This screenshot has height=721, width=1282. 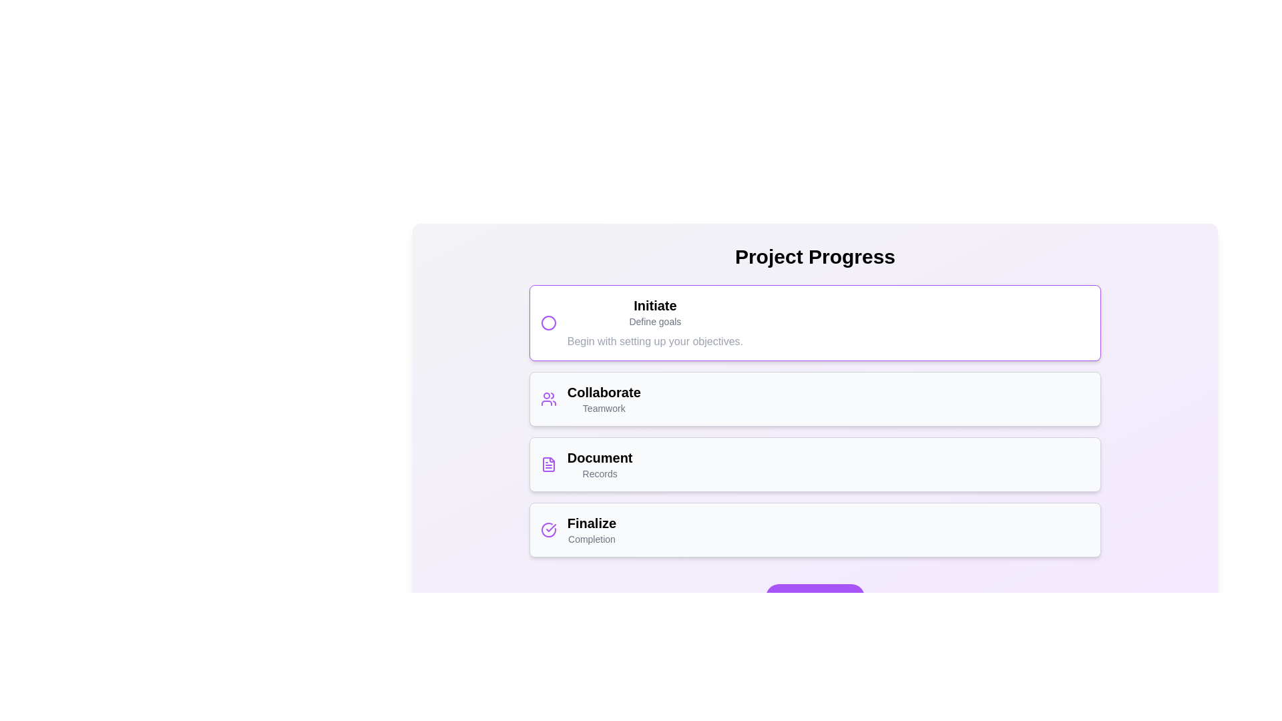 What do you see at coordinates (655, 341) in the screenshot?
I see `the static text display that shows the message 'Begin with setting up your objectives.' which is located underneath the 'Define goals' text in the 'Initiate' section` at bounding box center [655, 341].